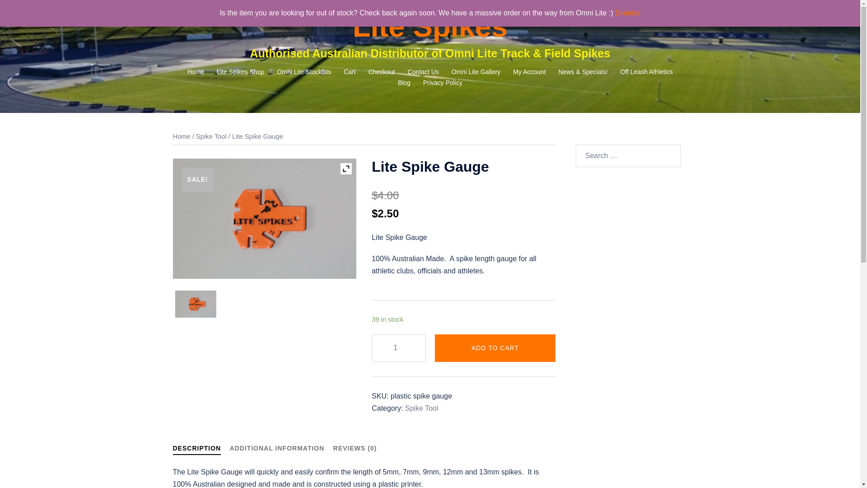 The height and width of the screenshot is (488, 867). Describe the element at coordinates (429, 26) in the screenshot. I see `'Lite Spikes'` at that location.